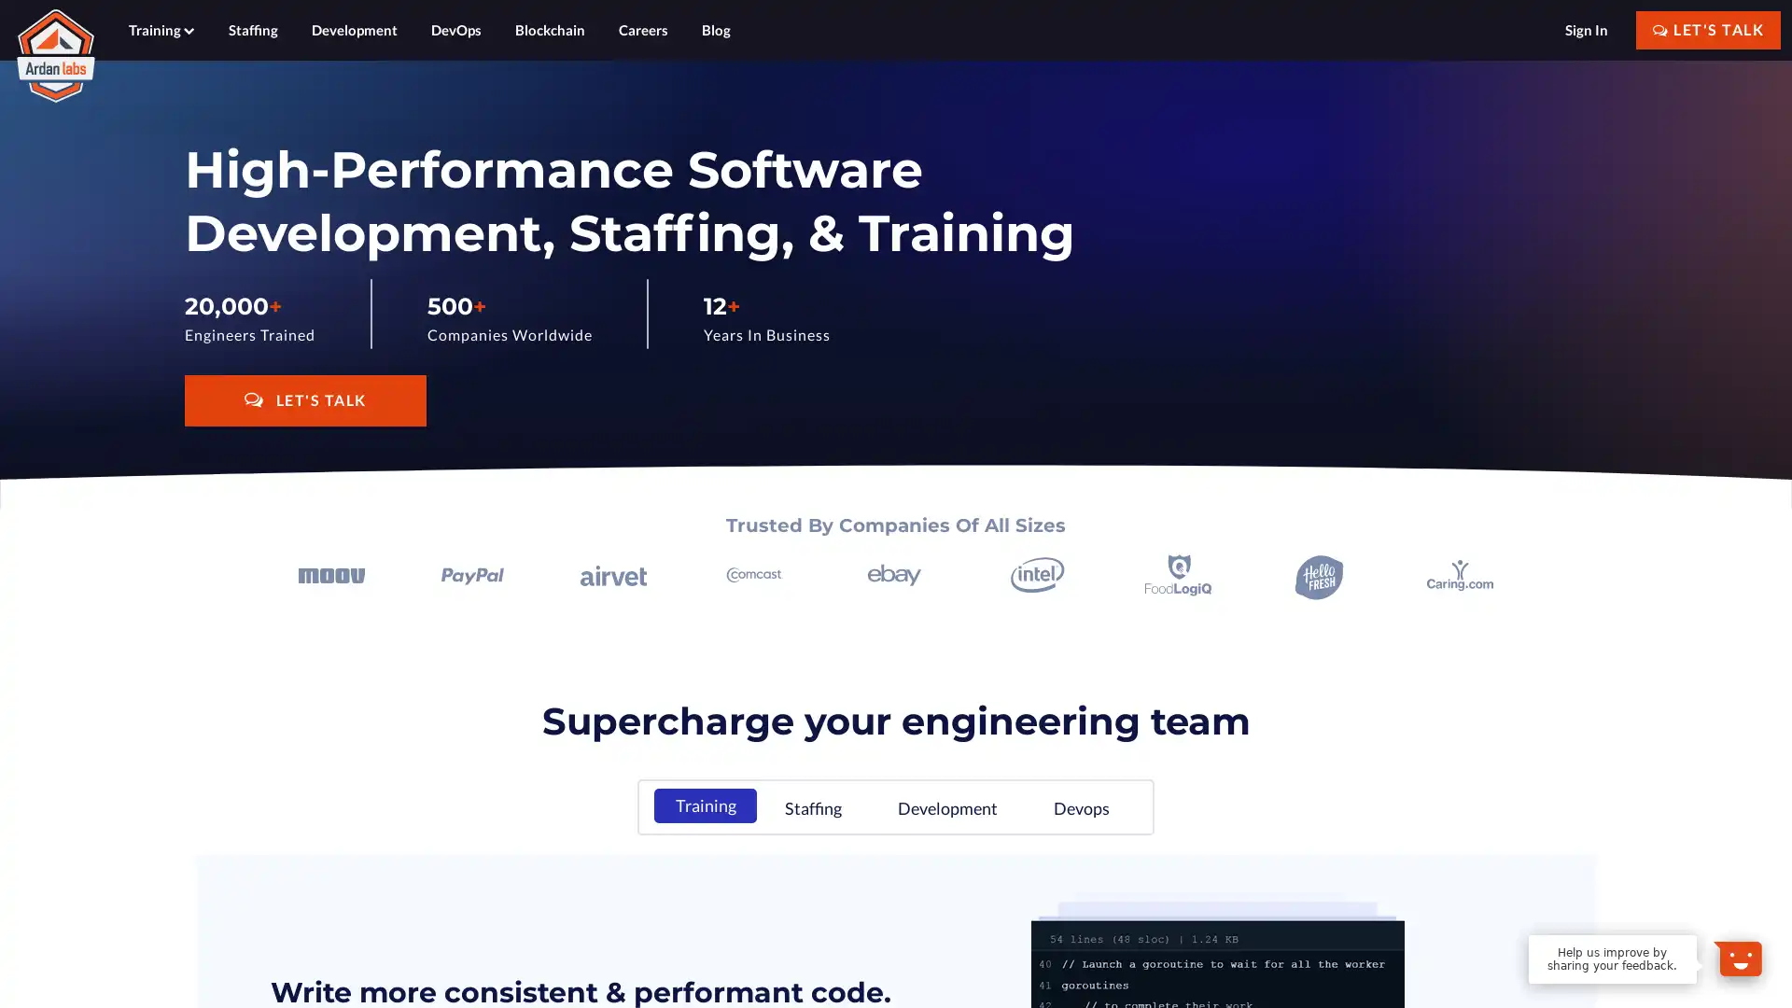  I want to click on Dismiss Message, so click(1694, 936).